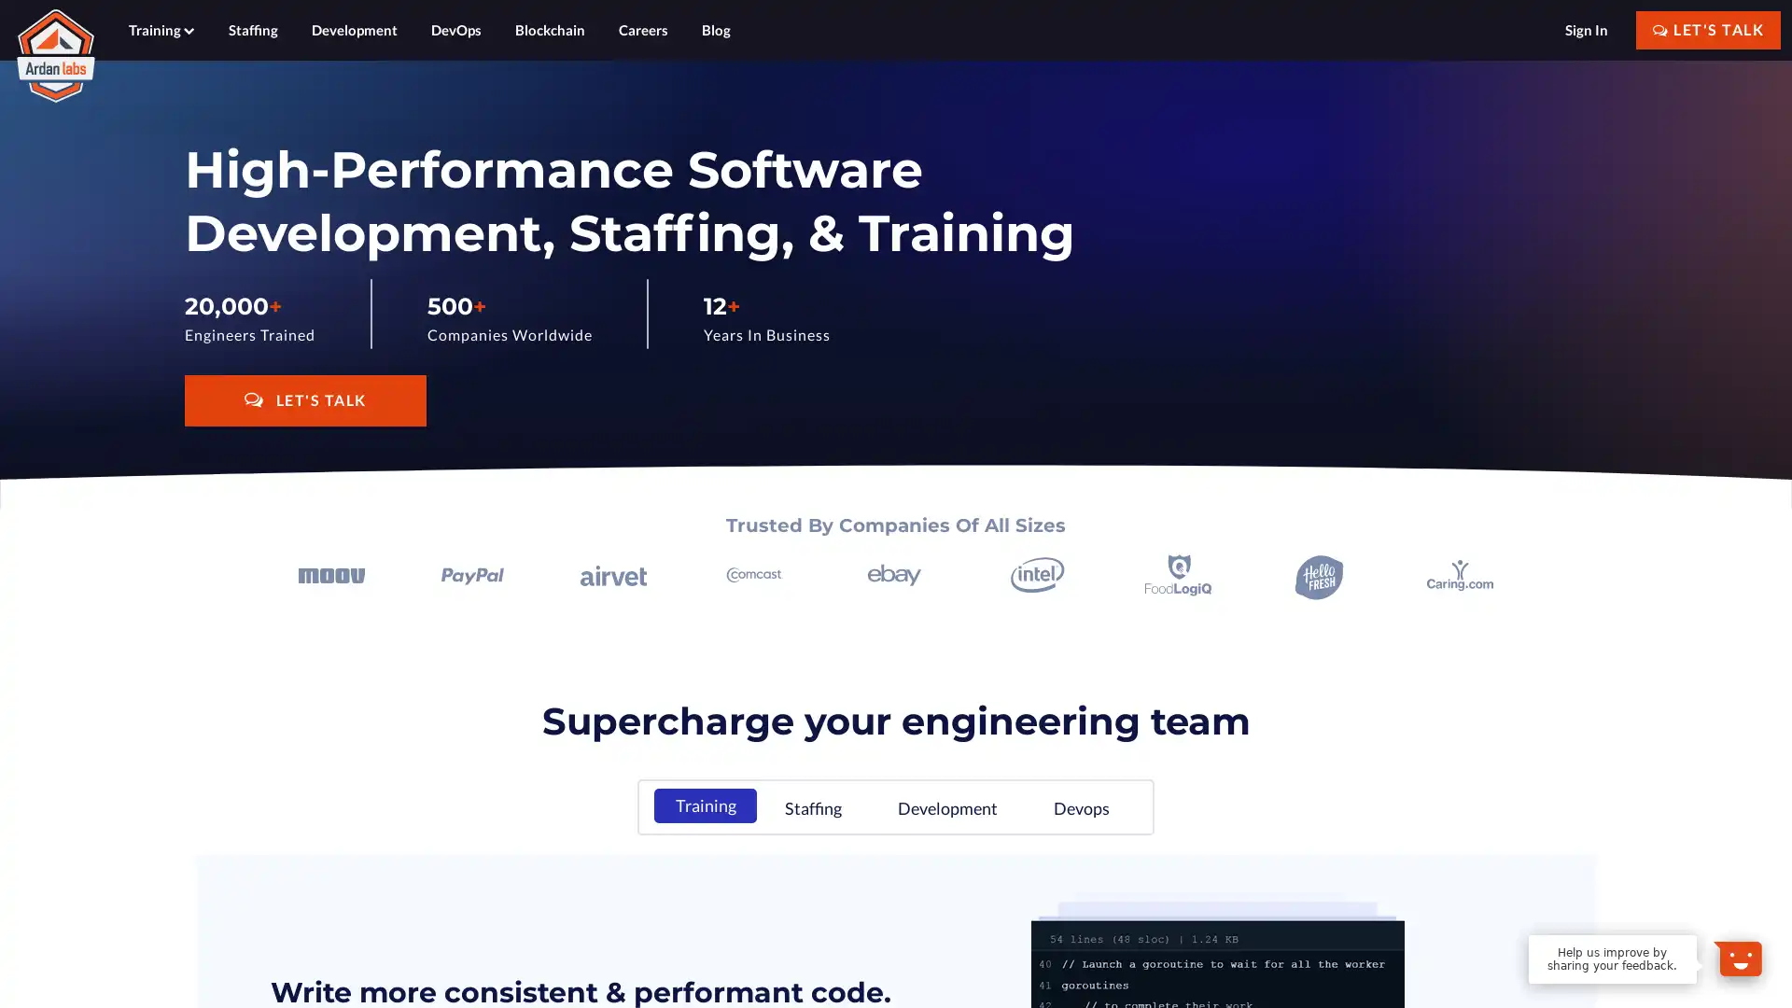  I want to click on Dismiss Message, so click(1694, 936).